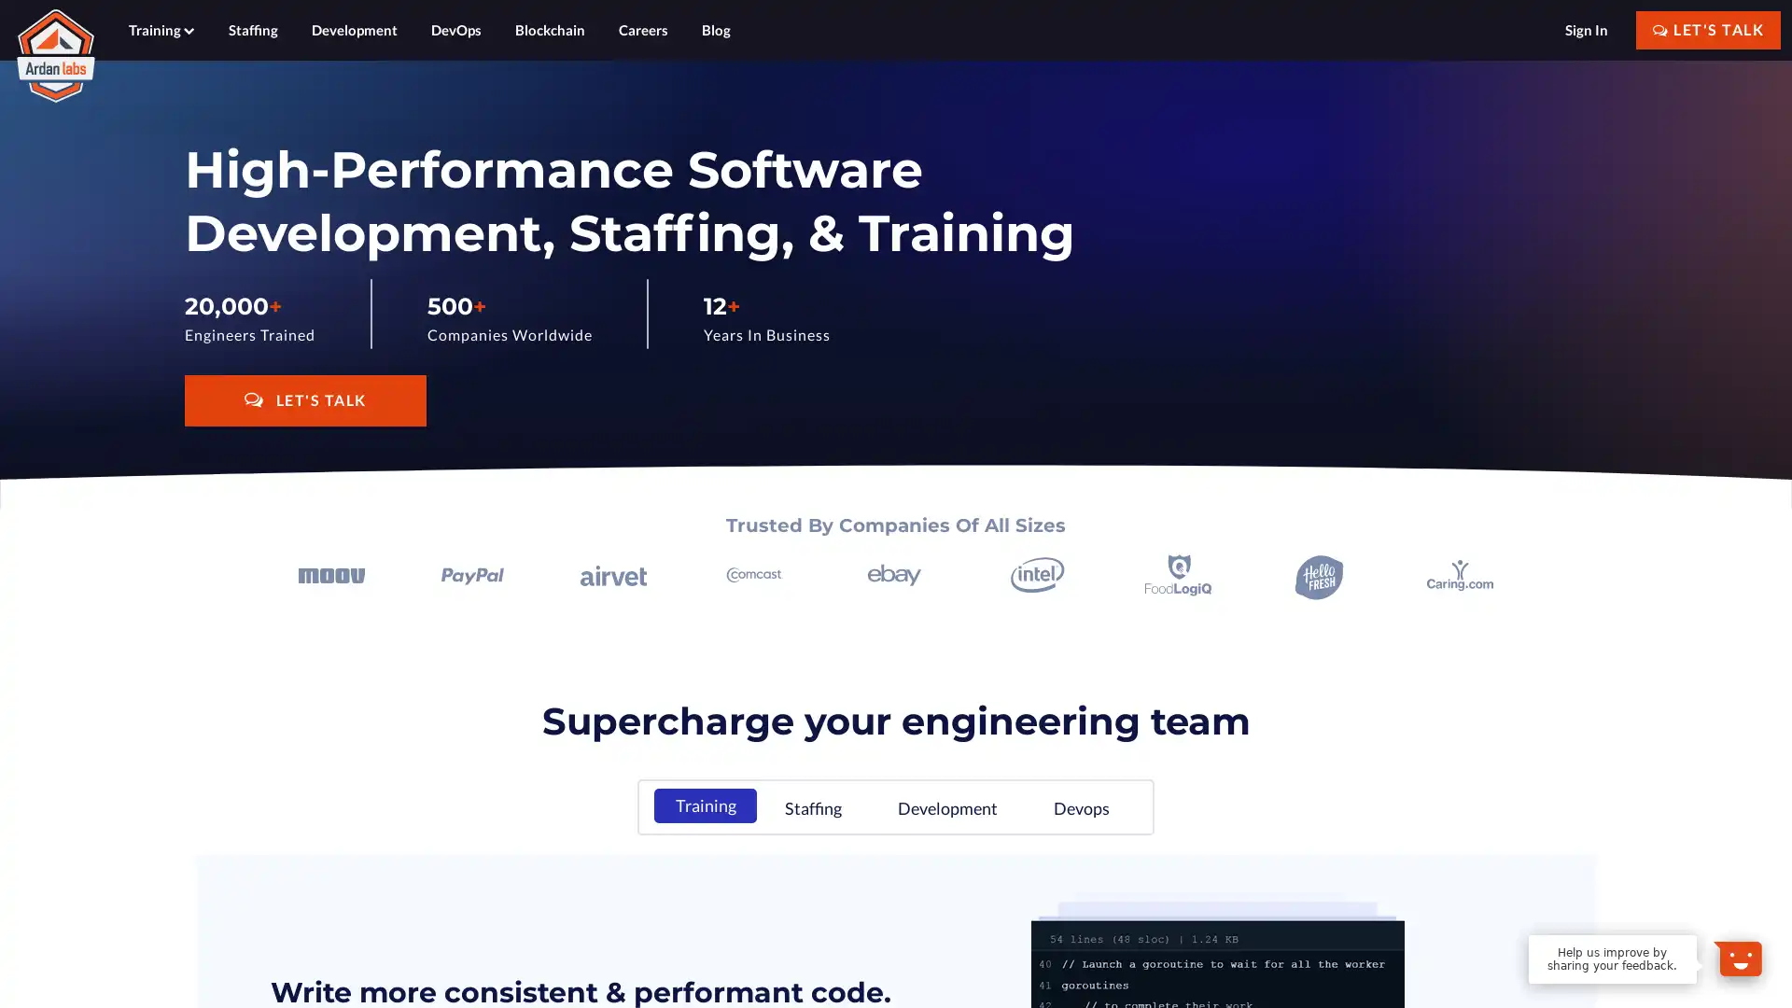  I want to click on Dismiss Message, so click(1694, 936).